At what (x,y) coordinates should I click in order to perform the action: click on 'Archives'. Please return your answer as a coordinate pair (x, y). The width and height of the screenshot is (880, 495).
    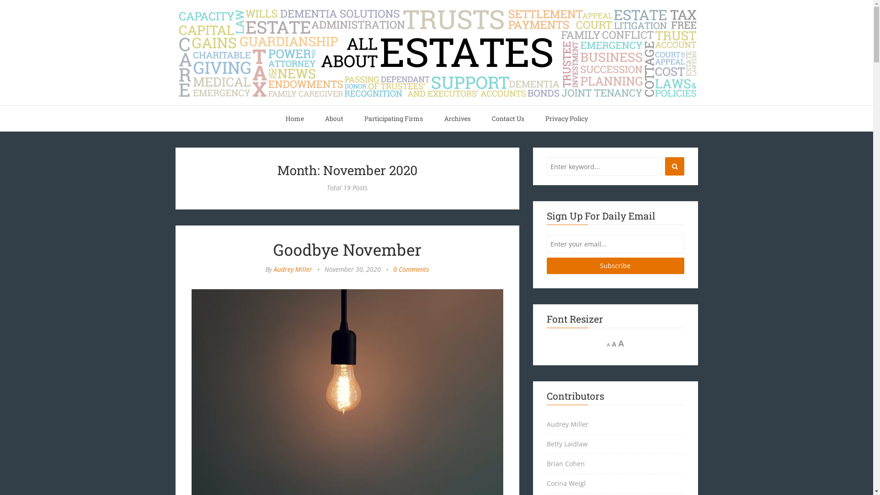
    Looking at the image, I should click on (434, 118).